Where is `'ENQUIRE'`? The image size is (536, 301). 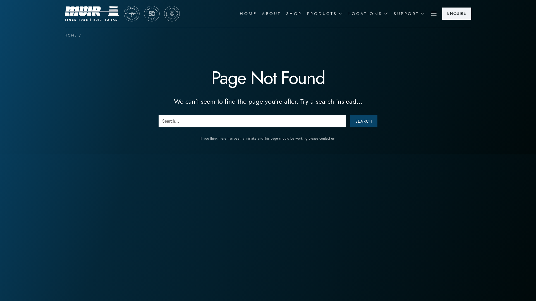
'ENQUIRE' is located at coordinates (457, 13).